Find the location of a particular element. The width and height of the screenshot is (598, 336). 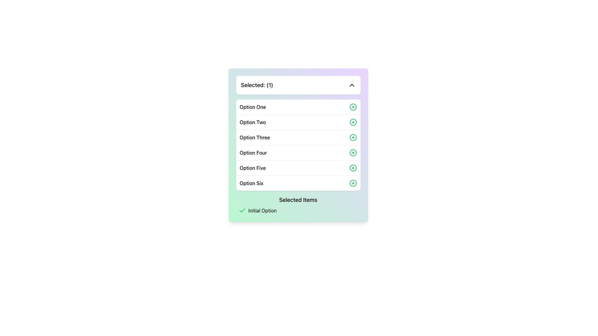

the text label that reads 'Option Six', which is the sixth item in the dropdown menu positioned just below 'Option Five' is located at coordinates (251, 183).